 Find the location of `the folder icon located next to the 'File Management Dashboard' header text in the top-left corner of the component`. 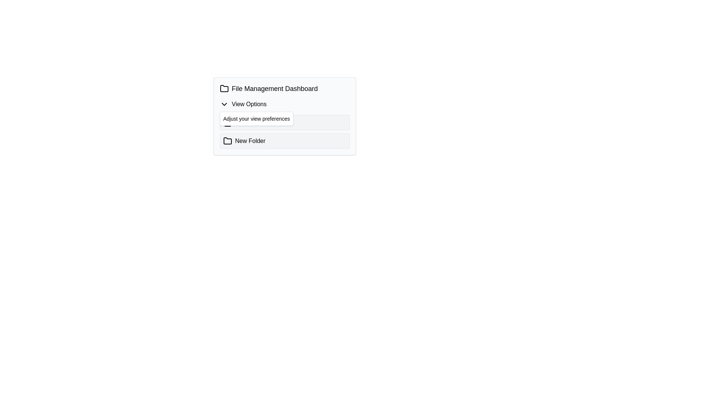

the folder icon located next to the 'File Management Dashboard' header text in the top-left corner of the component is located at coordinates (224, 88).